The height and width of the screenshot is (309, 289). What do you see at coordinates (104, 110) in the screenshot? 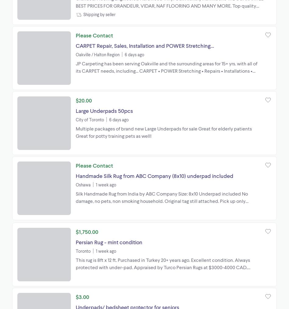
I see `'Large Underpads 50pcs'` at bounding box center [104, 110].